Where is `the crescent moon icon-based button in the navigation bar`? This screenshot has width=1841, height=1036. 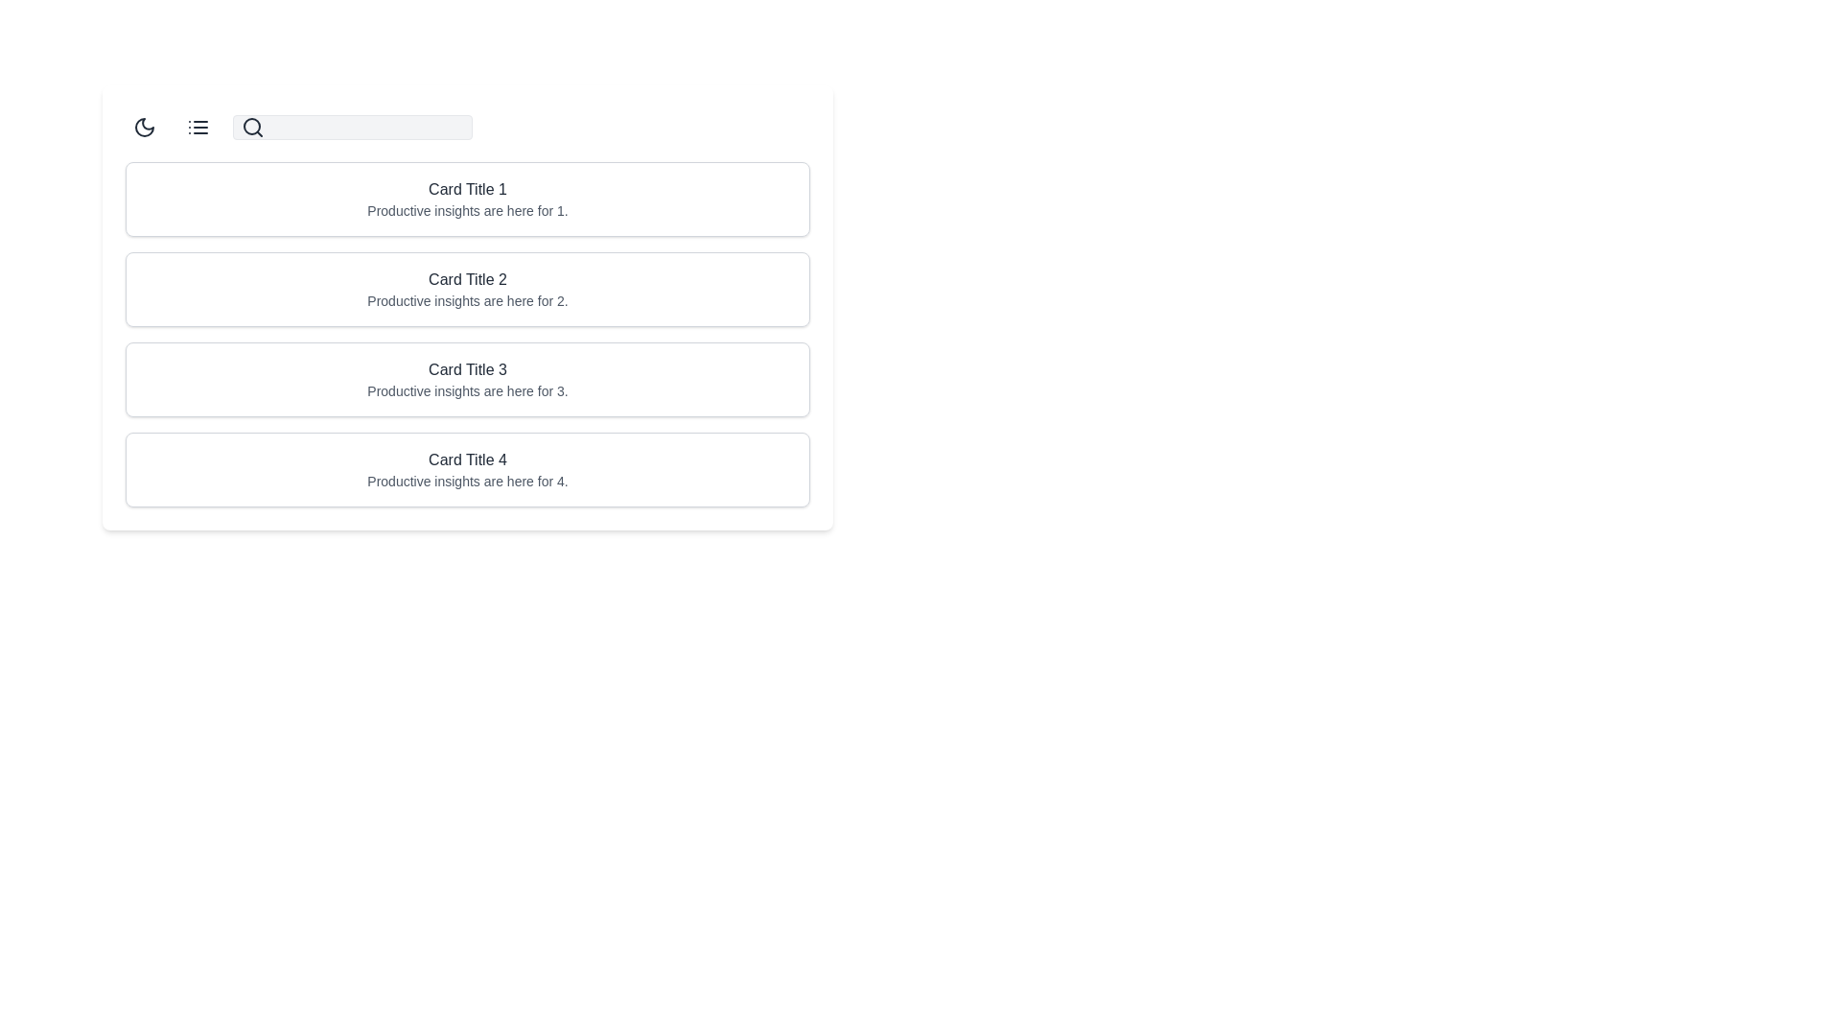
the crescent moon icon-based button in the navigation bar is located at coordinates (143, 127).